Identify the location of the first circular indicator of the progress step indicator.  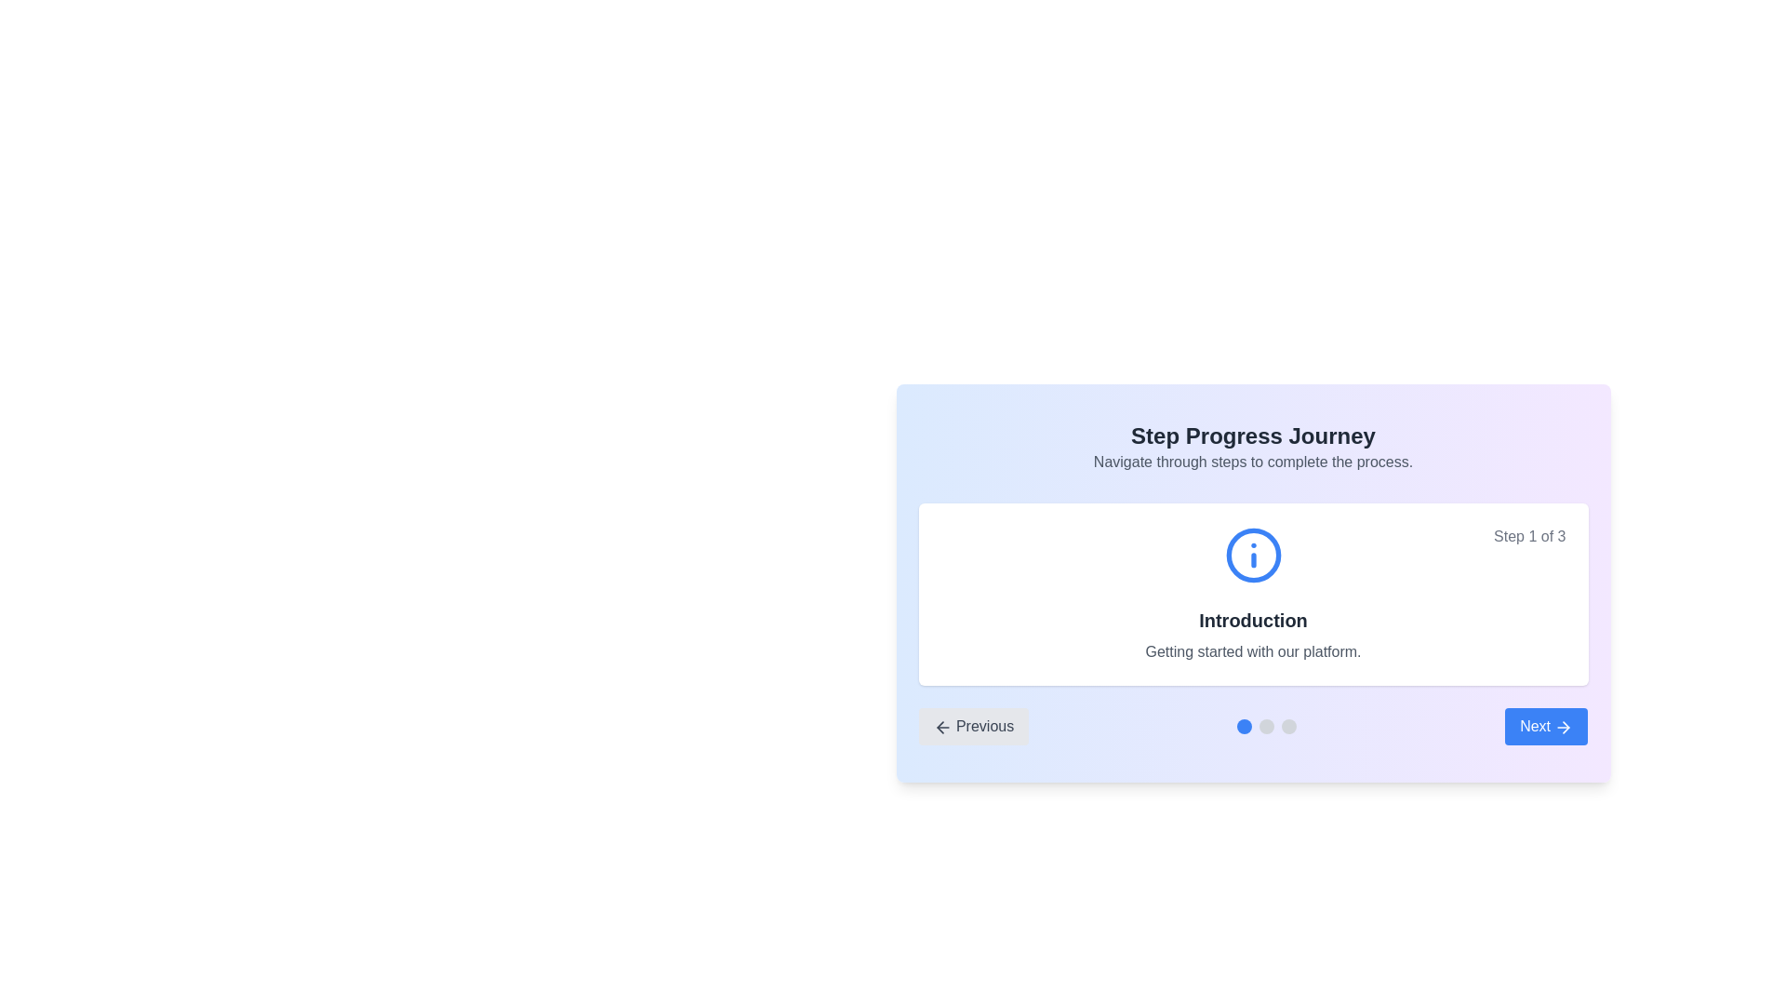
(1245, 725).